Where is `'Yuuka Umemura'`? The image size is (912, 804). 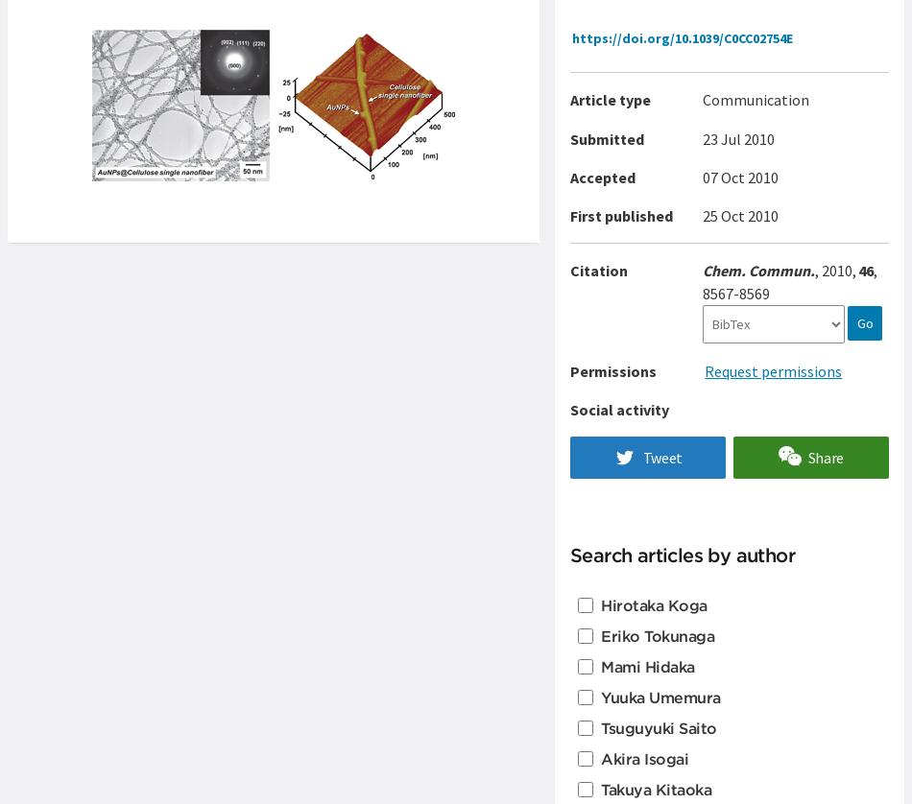 'Yuuka Umemura' is located at coordinates (660, 696).